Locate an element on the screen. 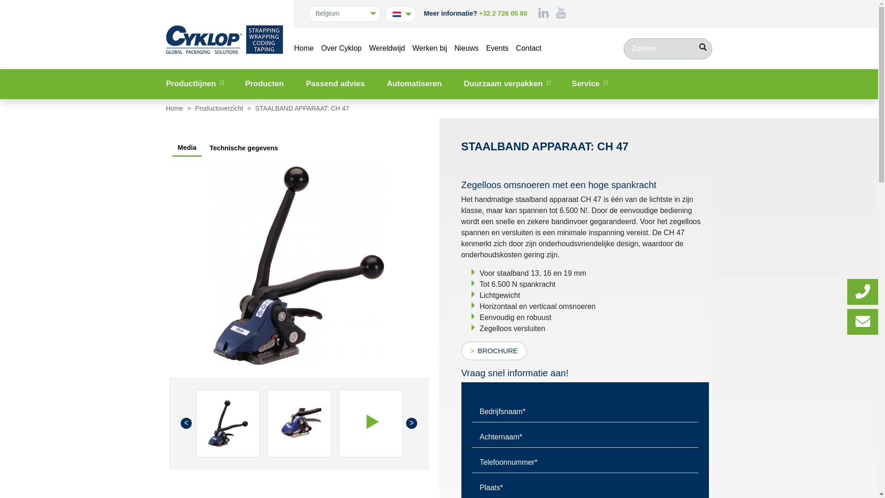 The height and width of the screenshot is (498, 885). 'Nieuws' is located at coordinates (466, 48).